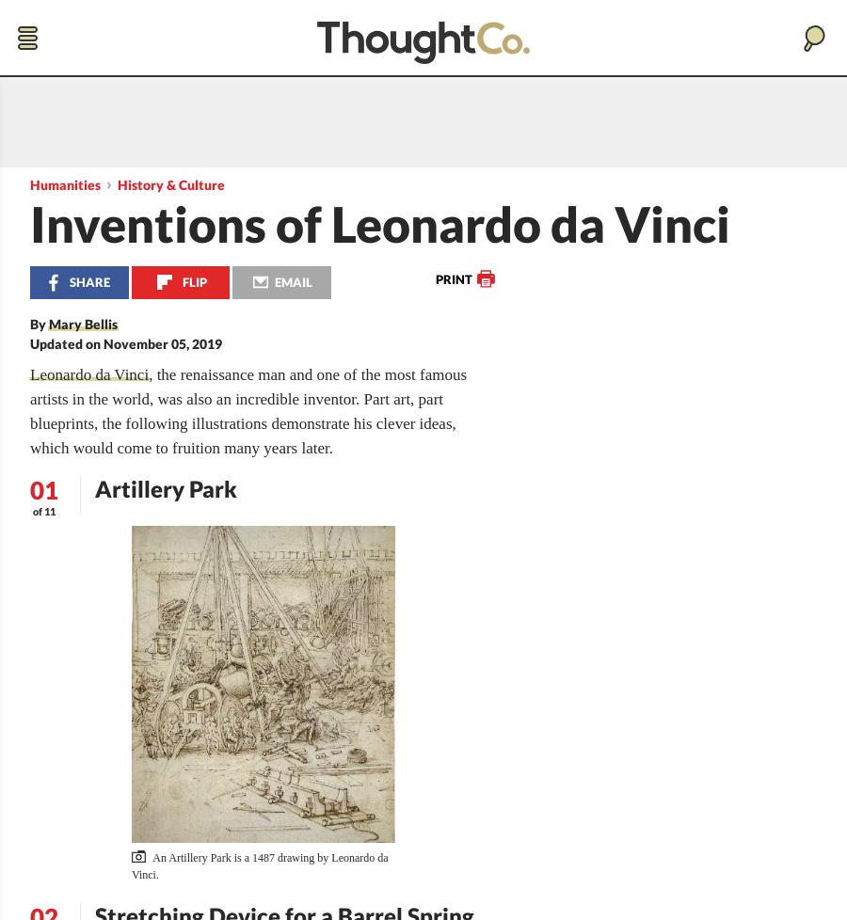 This screenshot has width=847, height=920. I want to click on 'Inventions of Leonardo da Vinci', so click(380, 224).